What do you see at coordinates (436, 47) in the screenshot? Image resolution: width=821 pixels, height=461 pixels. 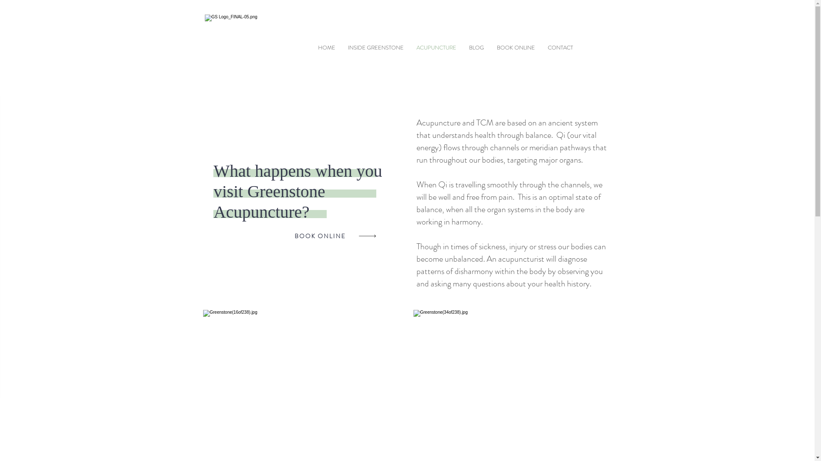 I see `'ACUPUNCTURE'` at bounding box center [436, 47].